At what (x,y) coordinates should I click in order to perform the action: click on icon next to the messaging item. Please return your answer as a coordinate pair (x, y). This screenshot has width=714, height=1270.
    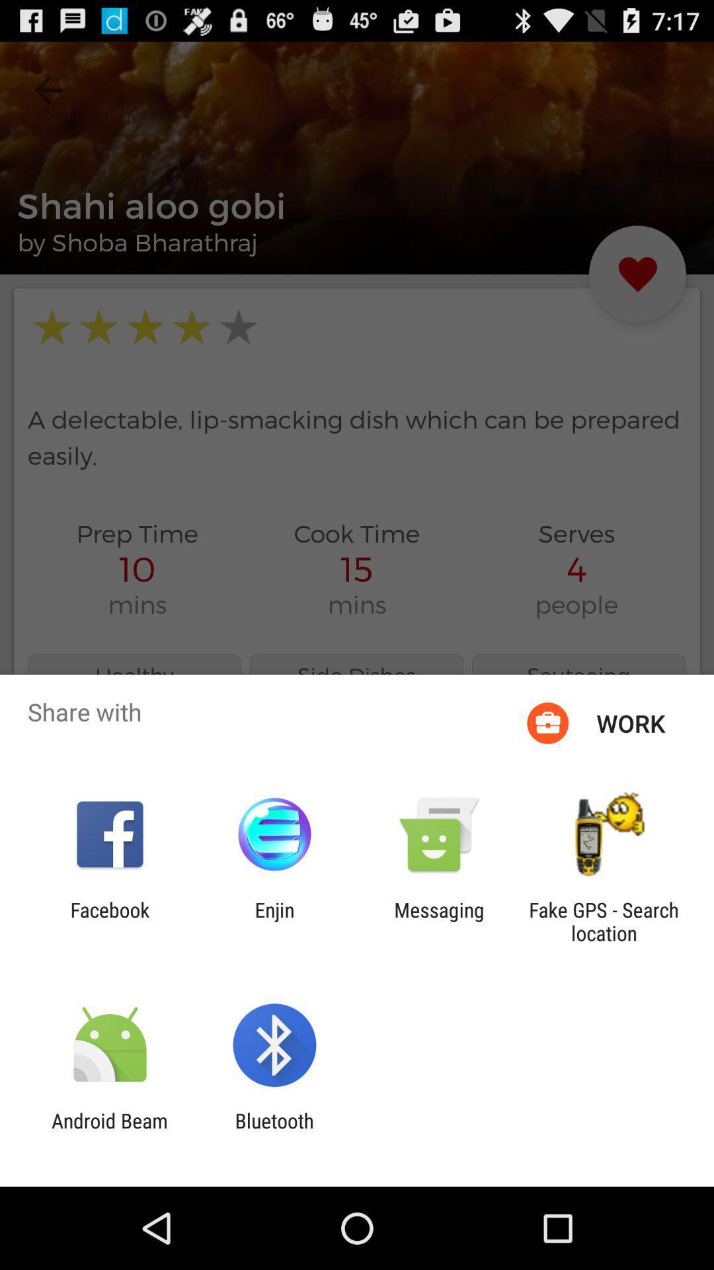
    Looking at the image, I should click on (274, 921).